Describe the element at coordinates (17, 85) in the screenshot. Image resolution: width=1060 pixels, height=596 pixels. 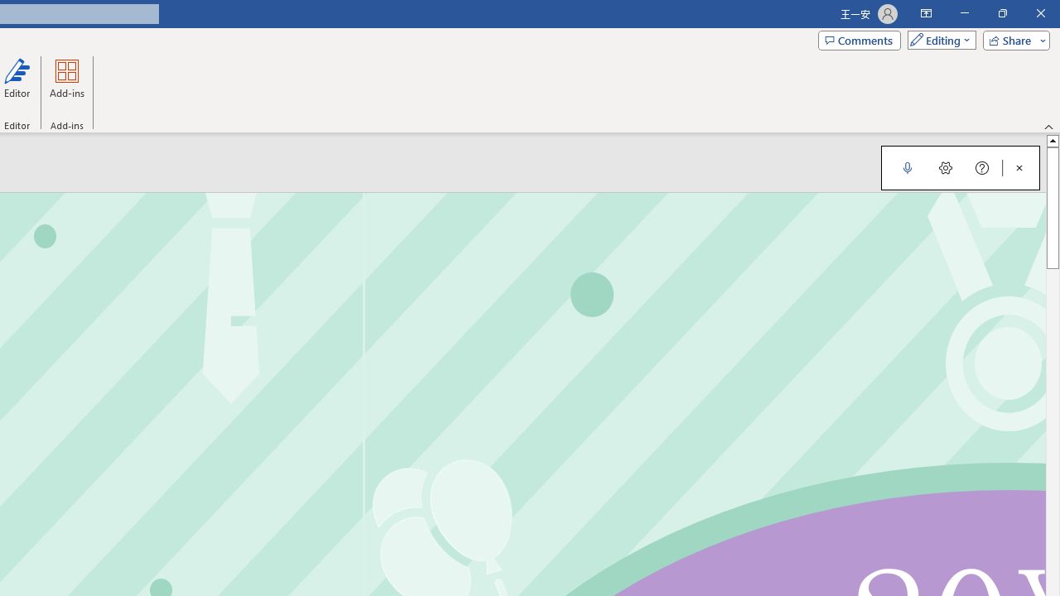
I see `'Editor'` at that location.